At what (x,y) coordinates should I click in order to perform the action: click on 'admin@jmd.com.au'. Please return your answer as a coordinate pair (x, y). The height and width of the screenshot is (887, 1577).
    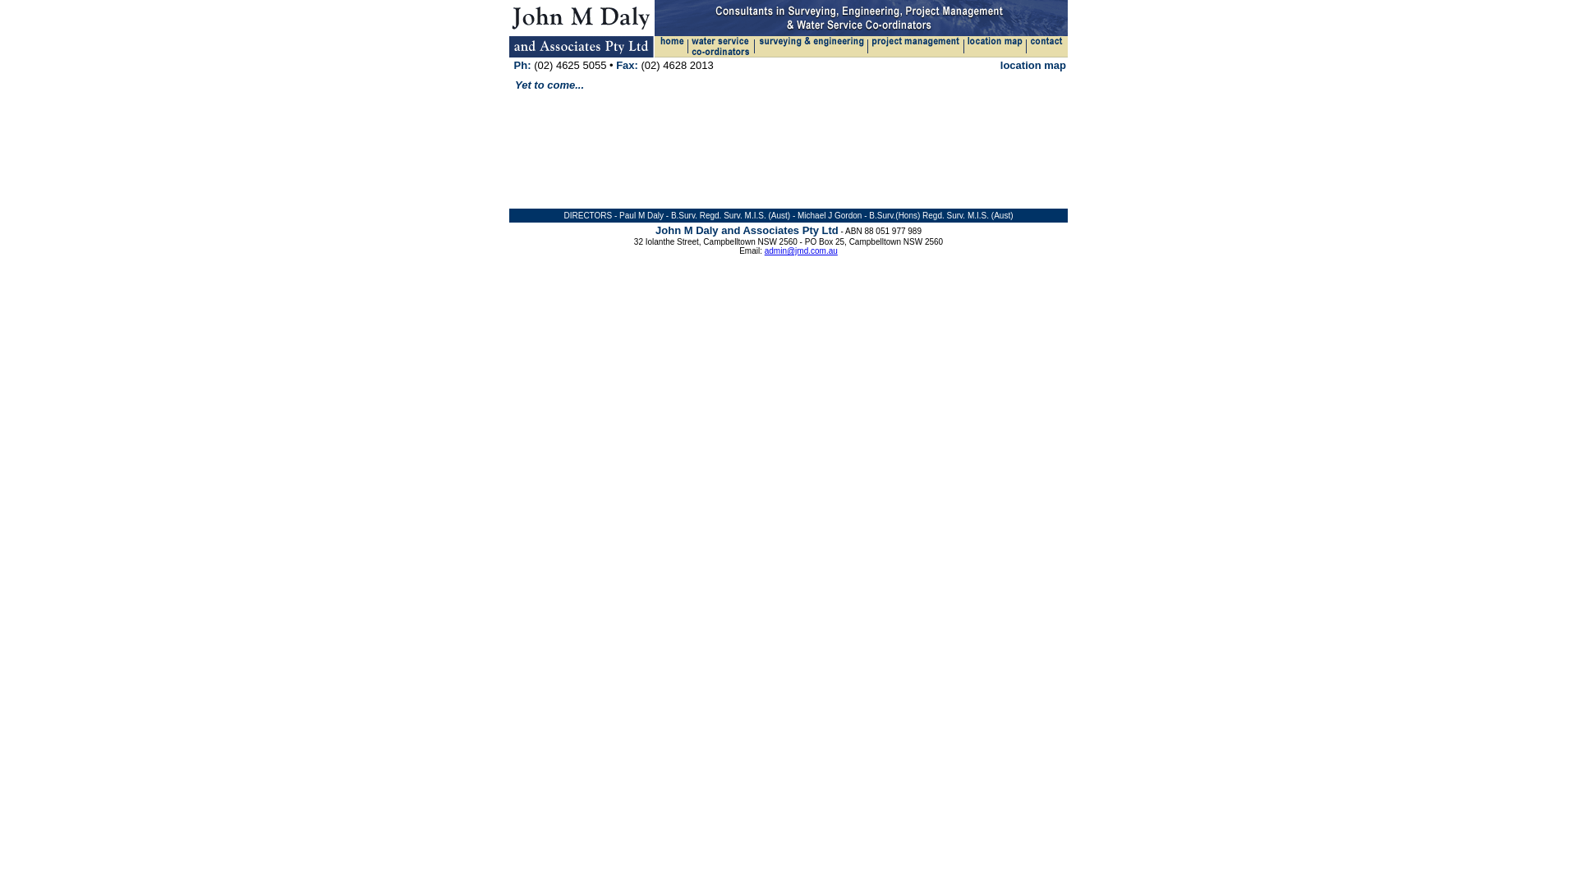
    Looking at the image, I should click on (801, 250).